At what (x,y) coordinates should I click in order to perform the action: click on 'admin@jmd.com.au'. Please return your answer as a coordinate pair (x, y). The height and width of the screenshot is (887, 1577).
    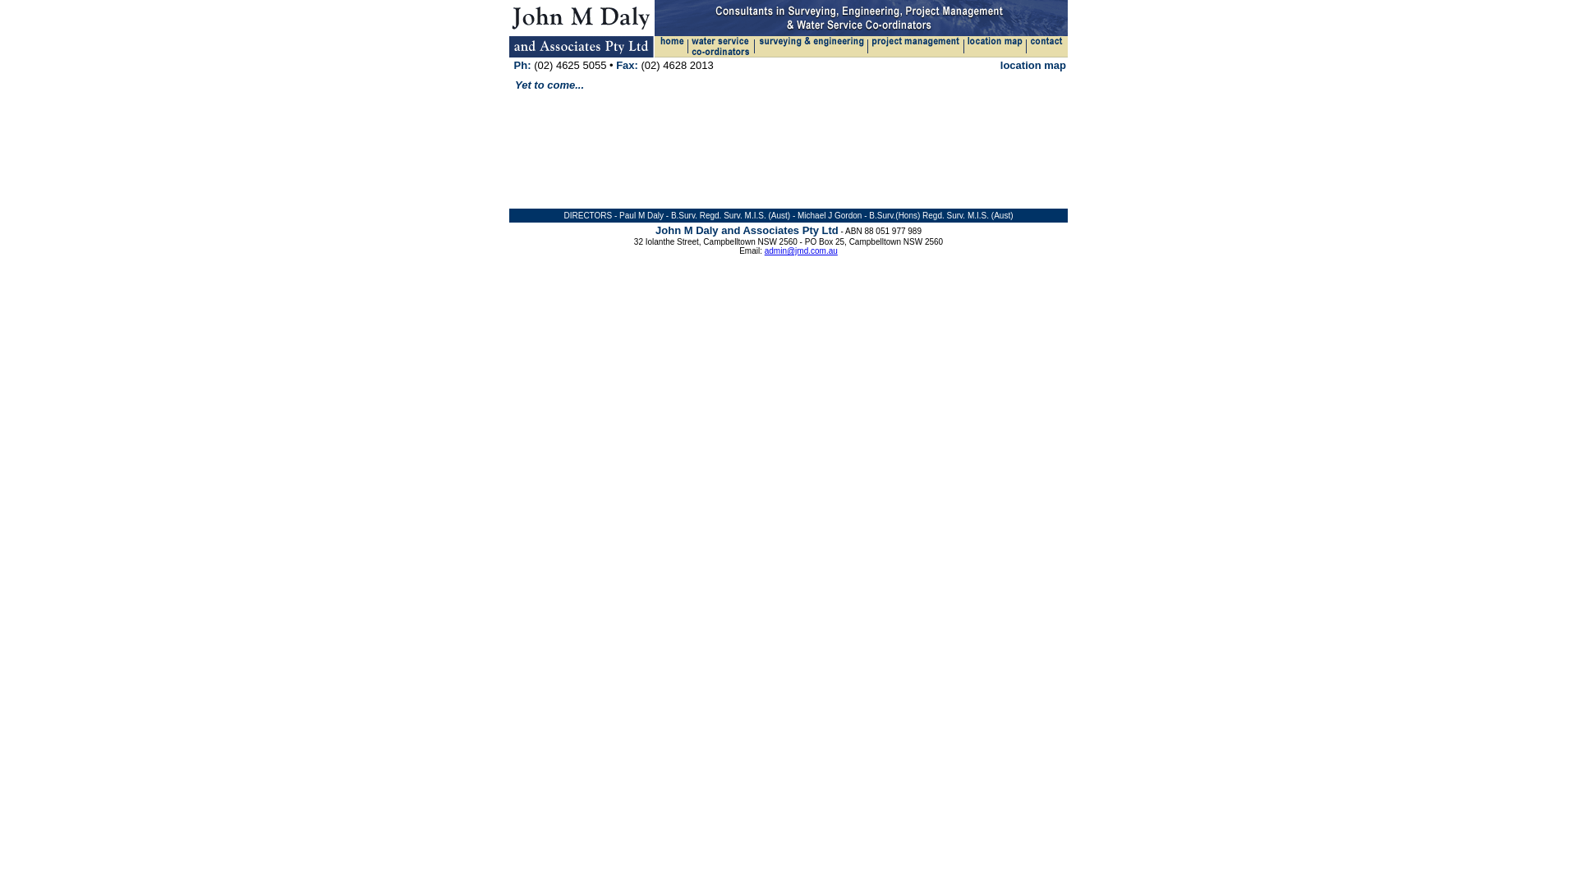
    Looking at the image, I should click on (801, 250).